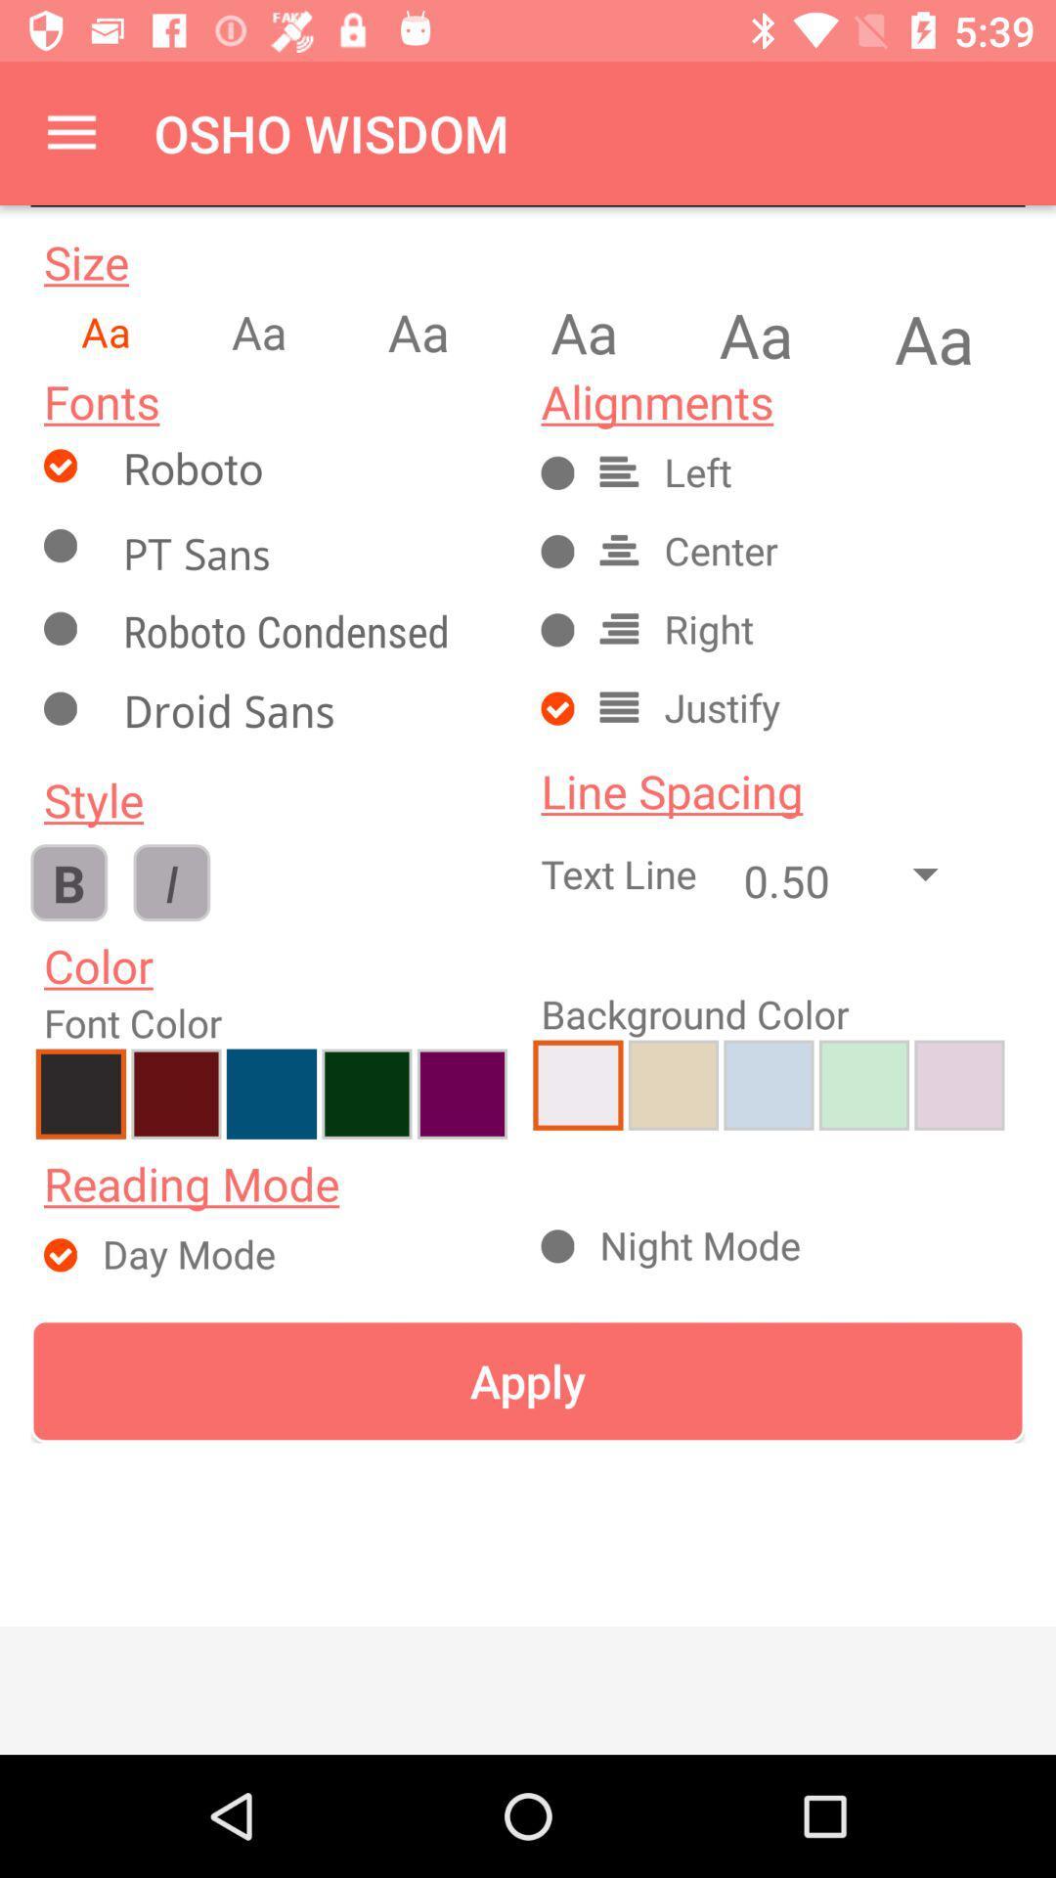 The width and height of the screenshot is (1056, 1878). What do you see at coordinates (308, 714) in the screenshot?
I see `text font droid sans` at bounding box center [308, 714].